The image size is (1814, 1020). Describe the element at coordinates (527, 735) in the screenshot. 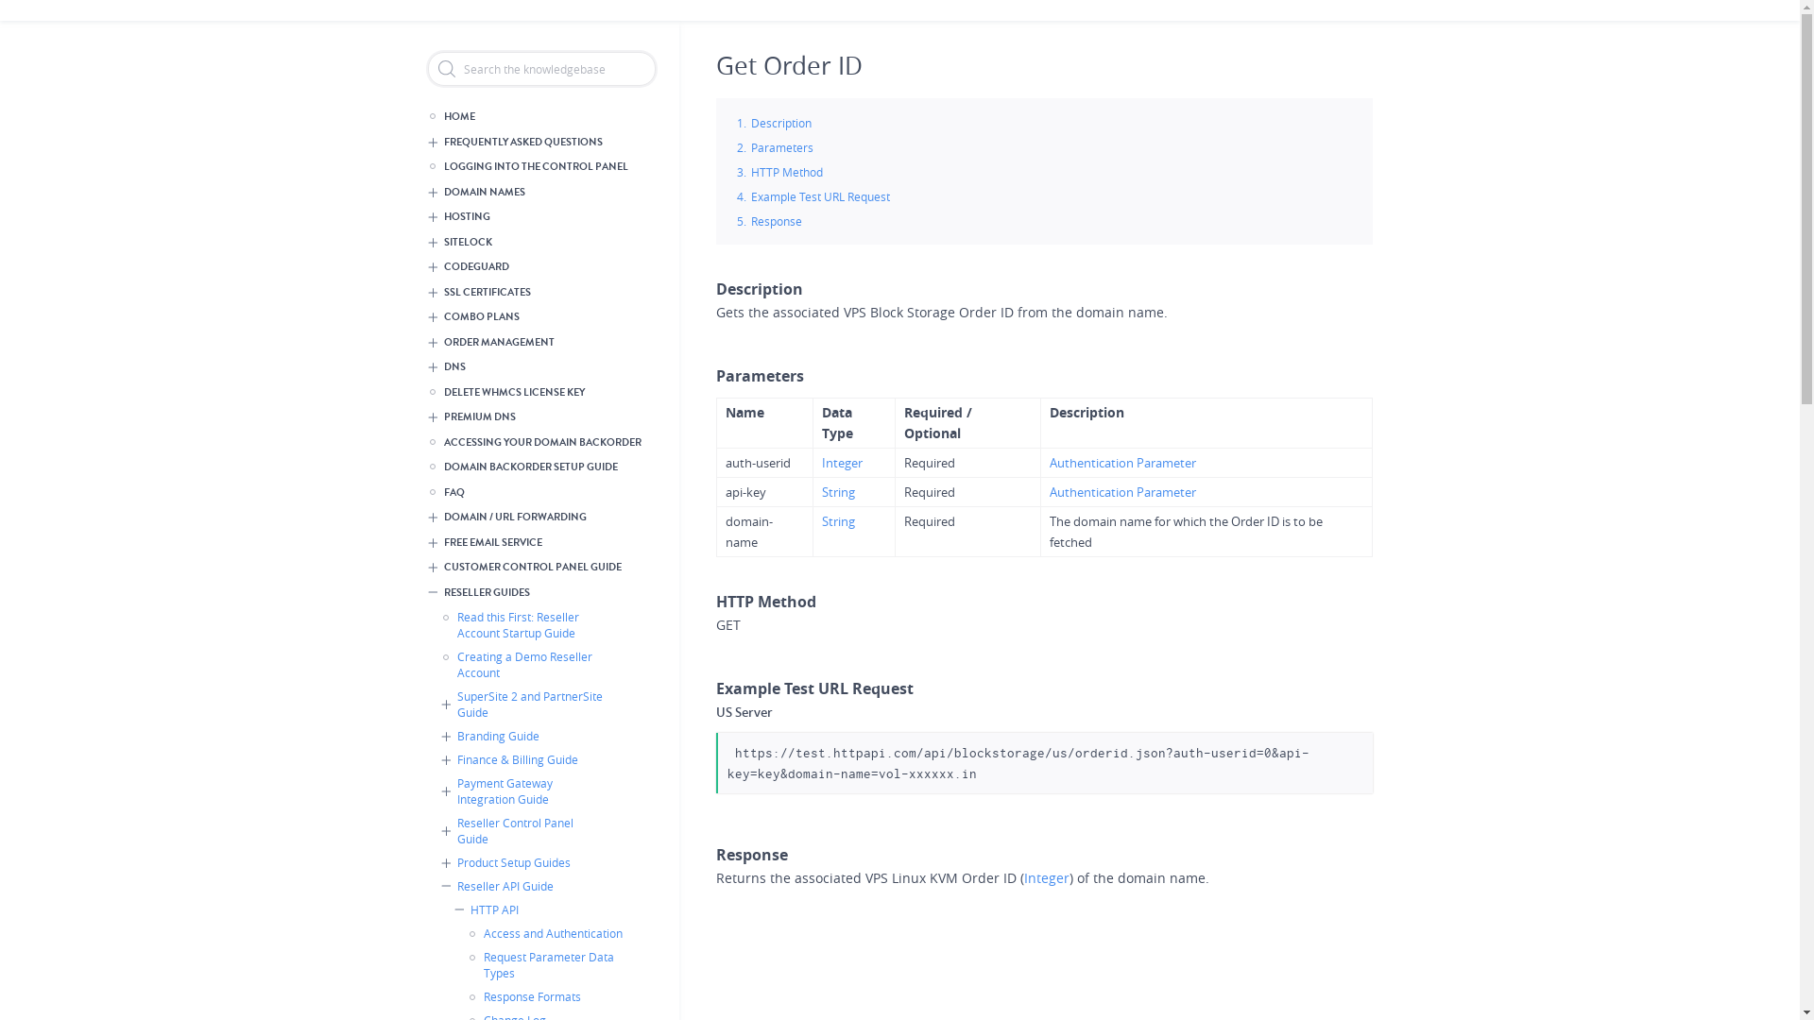

I see `'Branding Guide'` at that location.